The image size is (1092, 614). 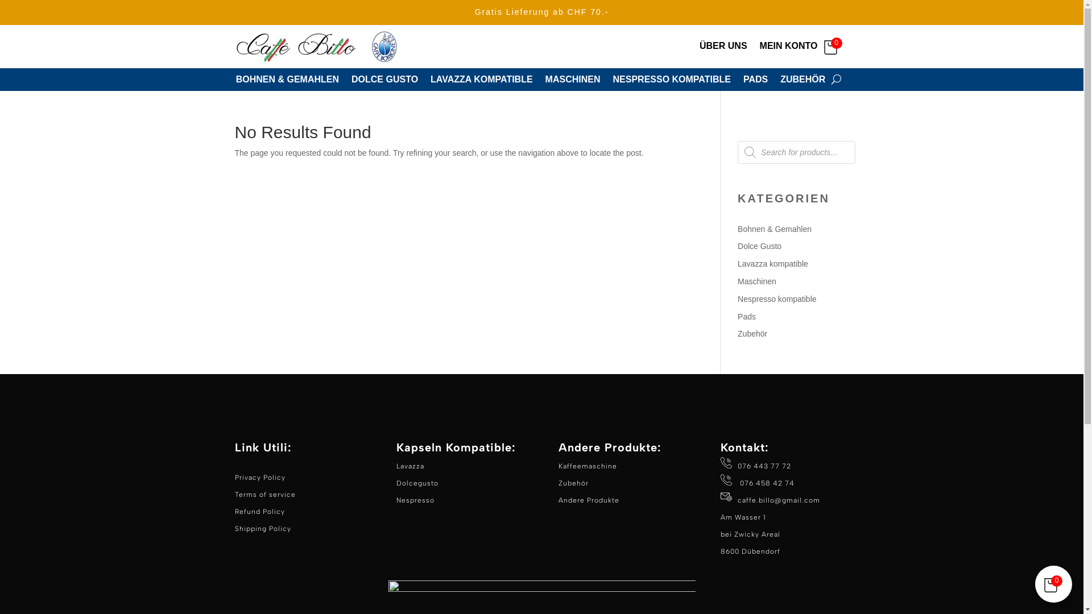 I want to click on 'MEIN KONTO', so click(x=788, y=48).